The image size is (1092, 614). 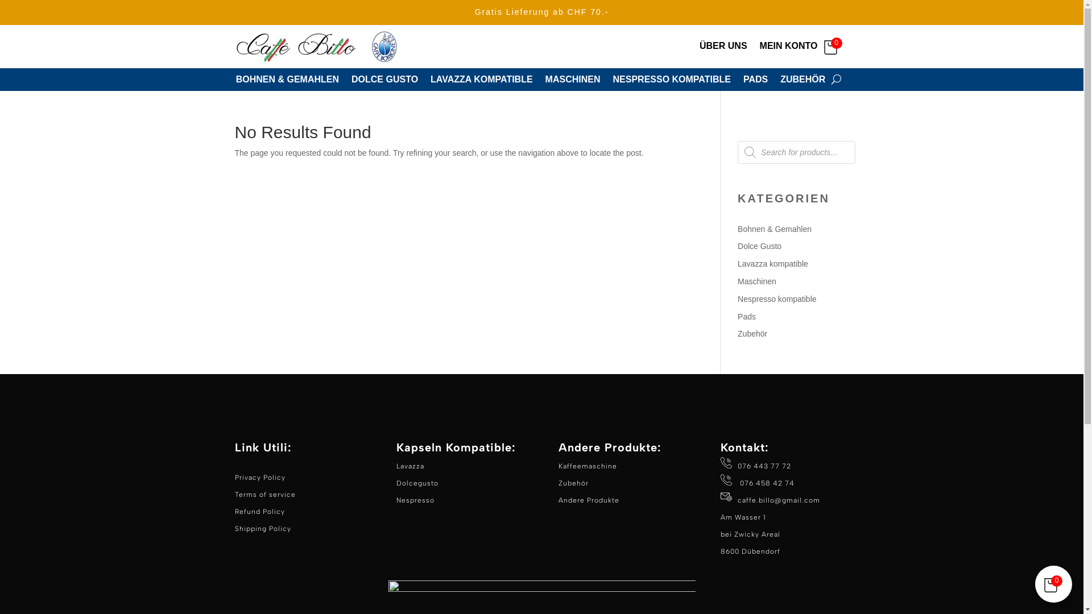 I want to click on 'MEIN KONTO', so click(x=788, y=48).